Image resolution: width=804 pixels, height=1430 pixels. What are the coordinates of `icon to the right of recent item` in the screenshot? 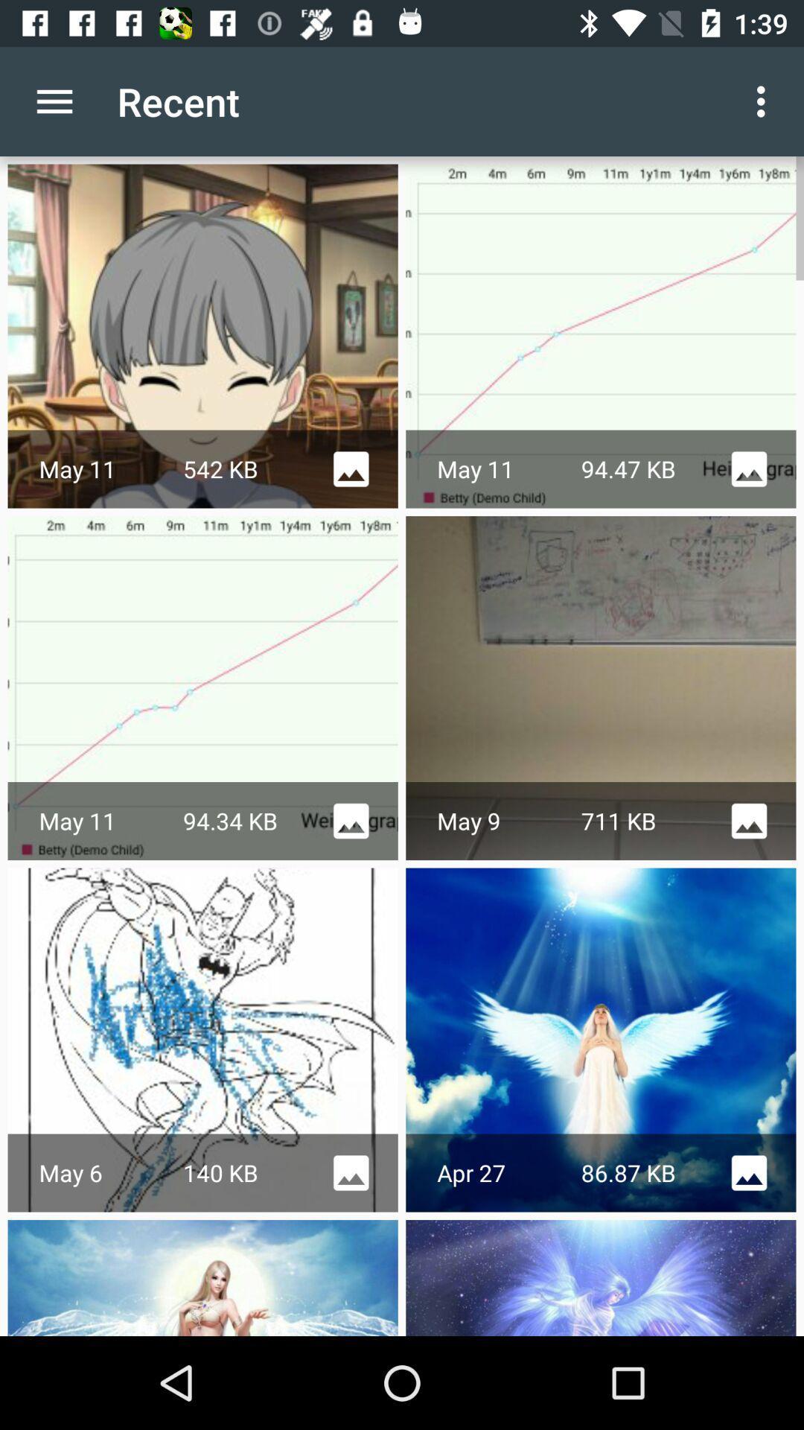 It's located at (765, 101).